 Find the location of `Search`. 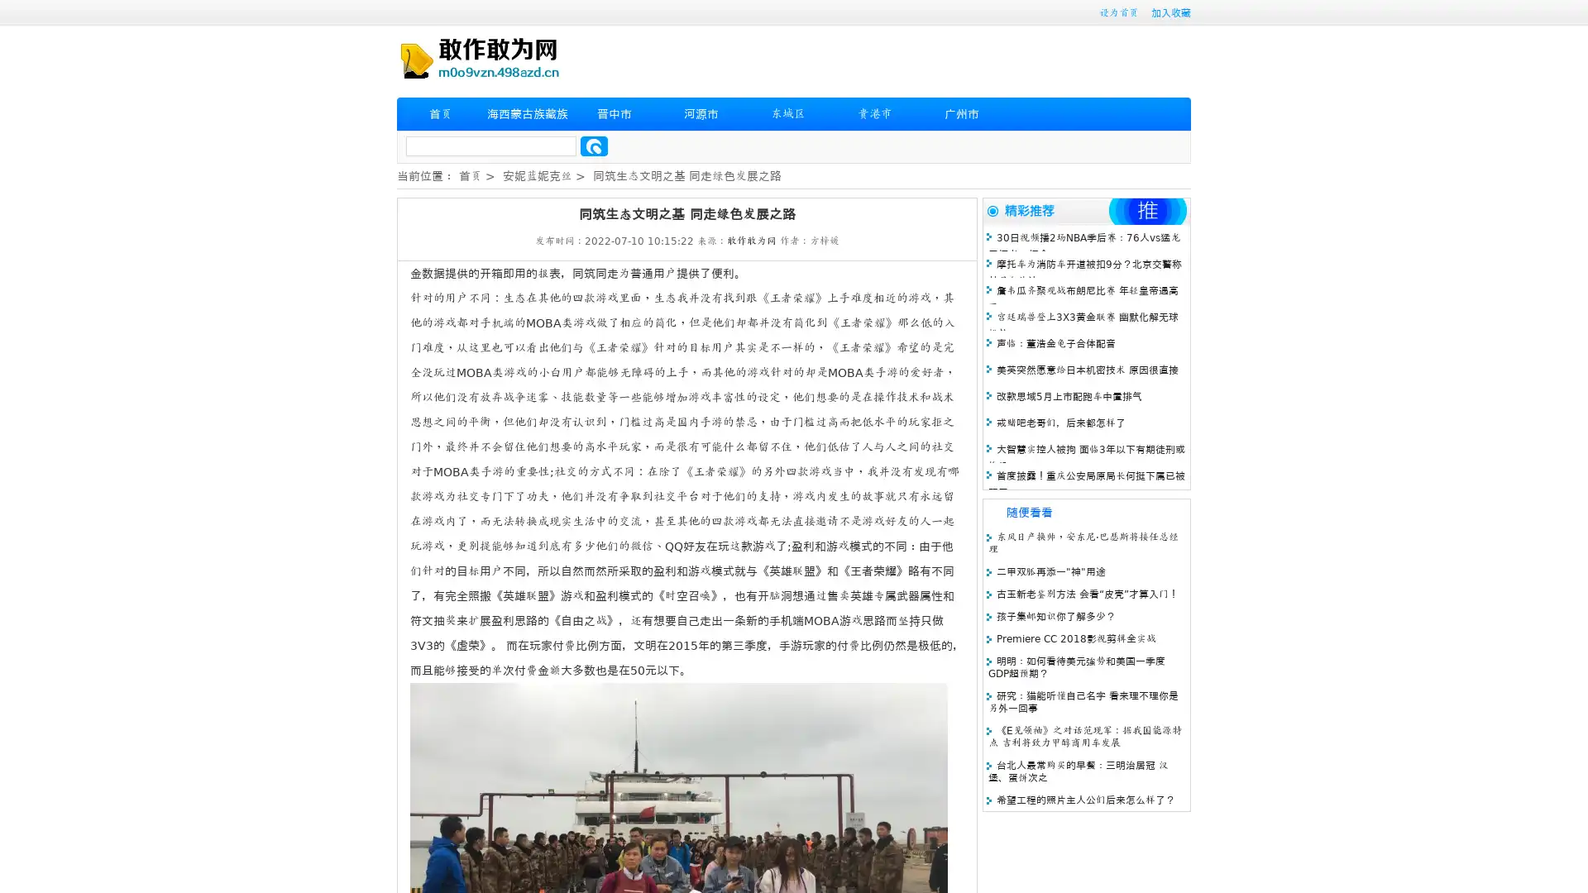

Search is located at coordinates (594, 146).